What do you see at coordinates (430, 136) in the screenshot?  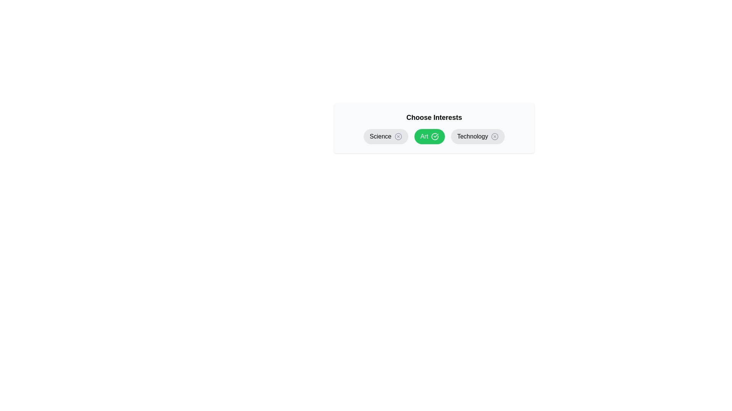 I see `the chip labeled Art` at bounding box center [430, 136].